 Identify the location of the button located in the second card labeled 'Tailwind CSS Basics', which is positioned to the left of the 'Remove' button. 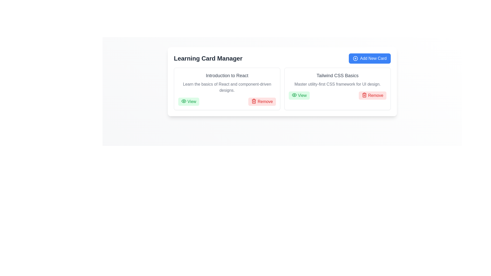
(299, 96).